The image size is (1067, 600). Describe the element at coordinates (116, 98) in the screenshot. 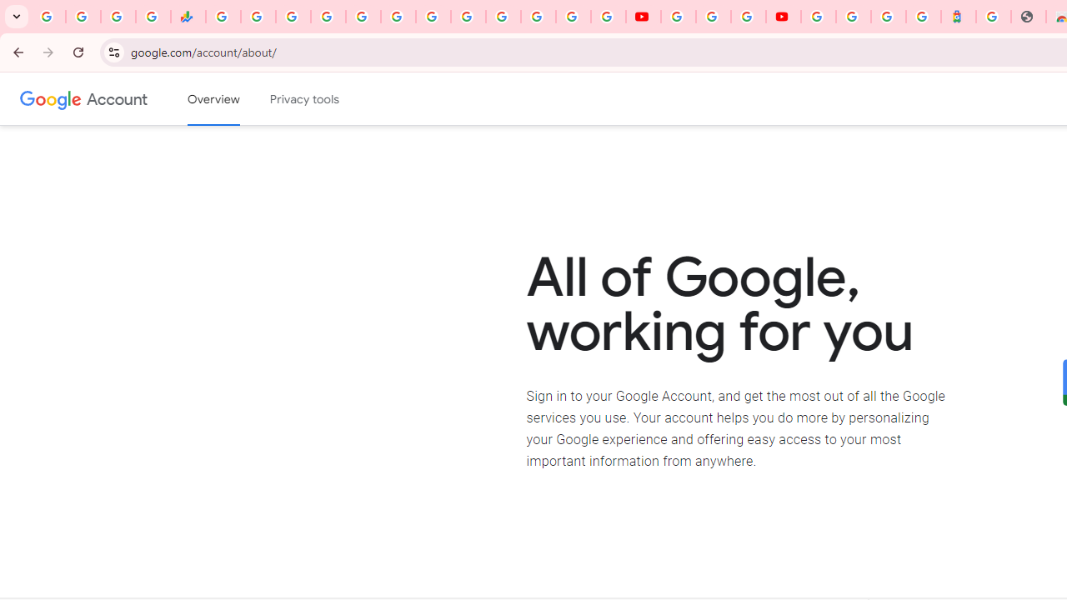

I see `'Google Account'` at that location.